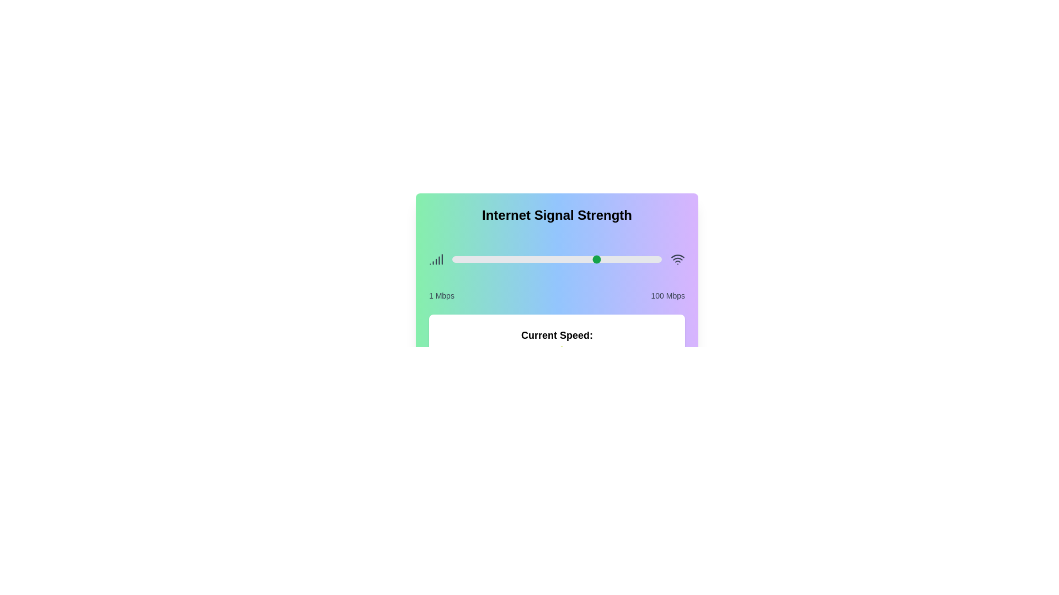  What do you see at coordinates (531, 259) in the screenshot?
I see `the slider to set the signal strength to 38 Mbps` at bounding box center [531, 259].